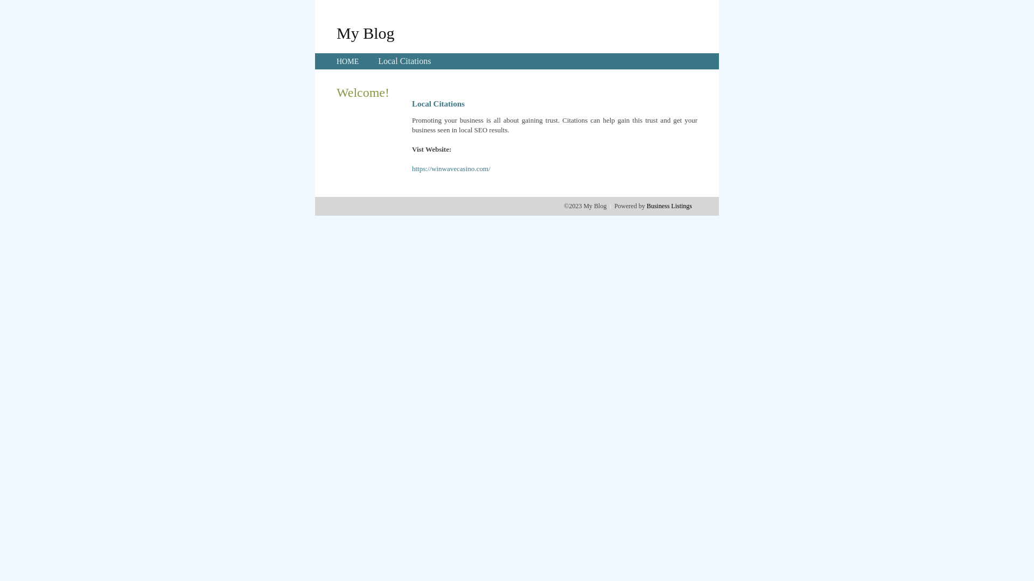 The image size is (1034, 581). I want to click on 'My Blog', so click(336, 32).